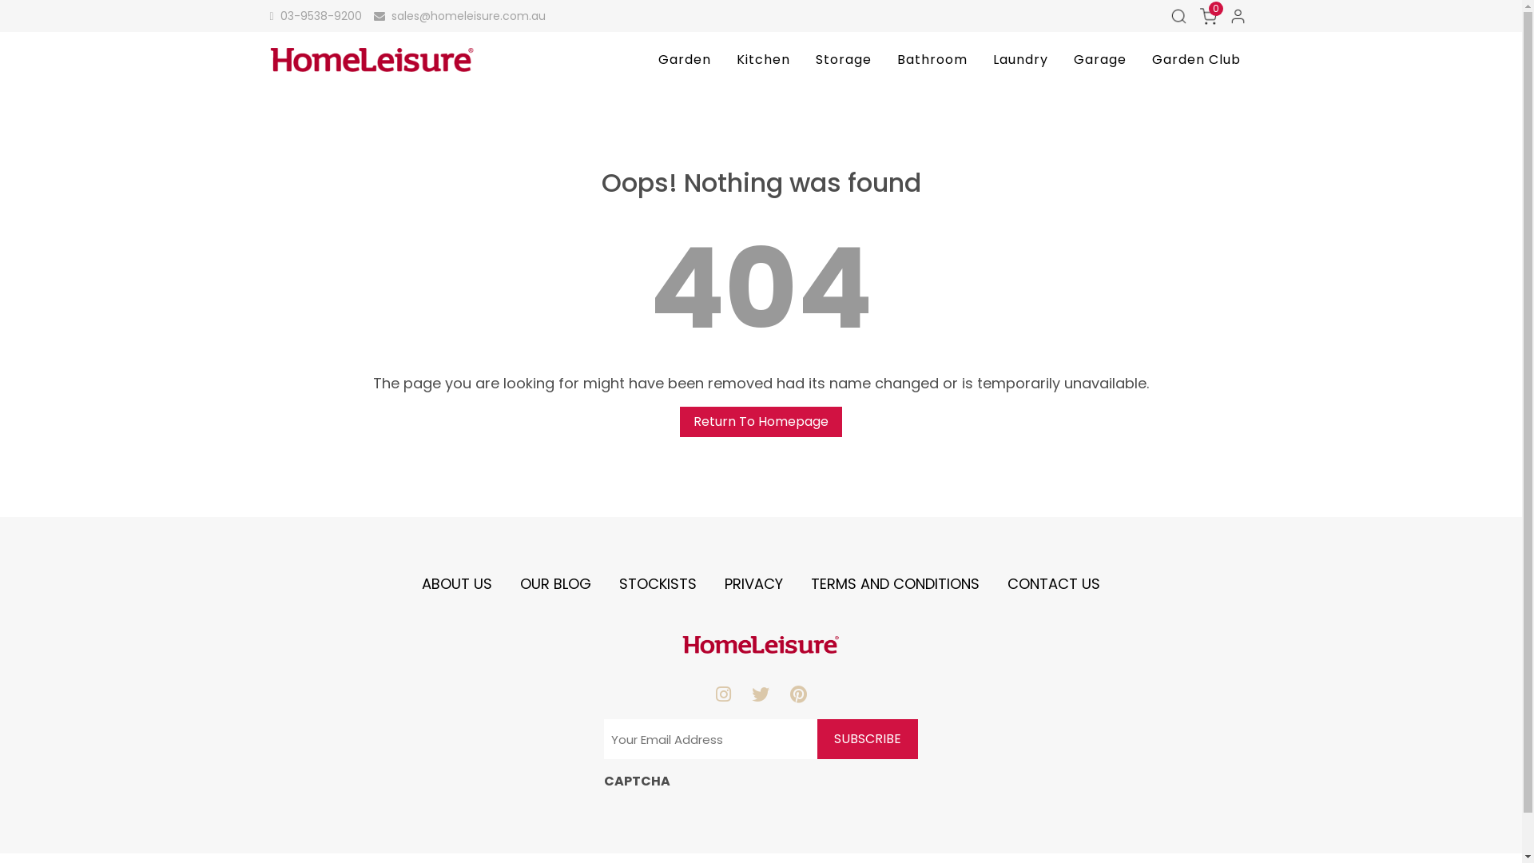 The image size is (1534, 863). What do you see at coordinates (459, 15) in the screenshot?
I see `'sales@homeleisure.com.au'` at bounding box center [459, 15].